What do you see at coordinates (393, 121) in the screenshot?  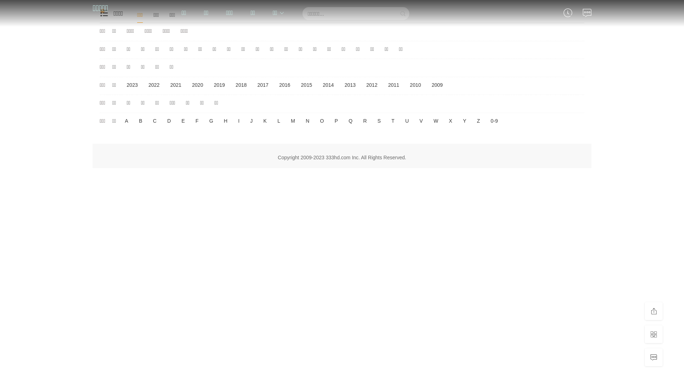 I see `'T'` at bounding box center [393, 121].